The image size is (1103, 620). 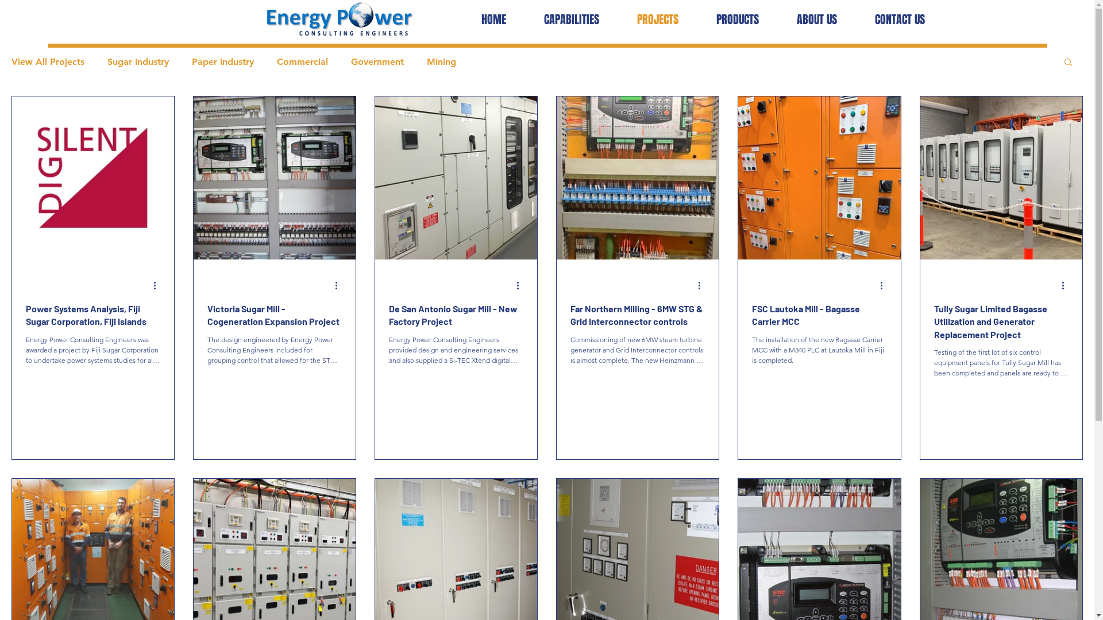 I want to click on 'Government', so click(x=350, y=61).